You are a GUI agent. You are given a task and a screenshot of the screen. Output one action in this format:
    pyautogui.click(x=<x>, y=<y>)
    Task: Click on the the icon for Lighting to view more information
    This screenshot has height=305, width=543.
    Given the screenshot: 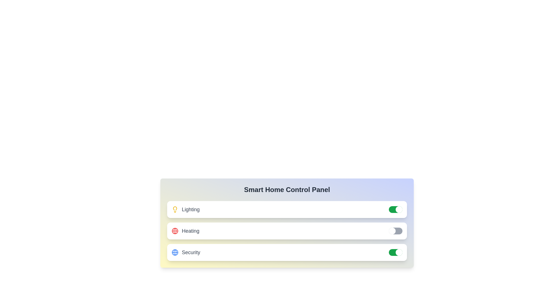 What is the action you would take?
    pyautogui.click(x=175, y=209)
    